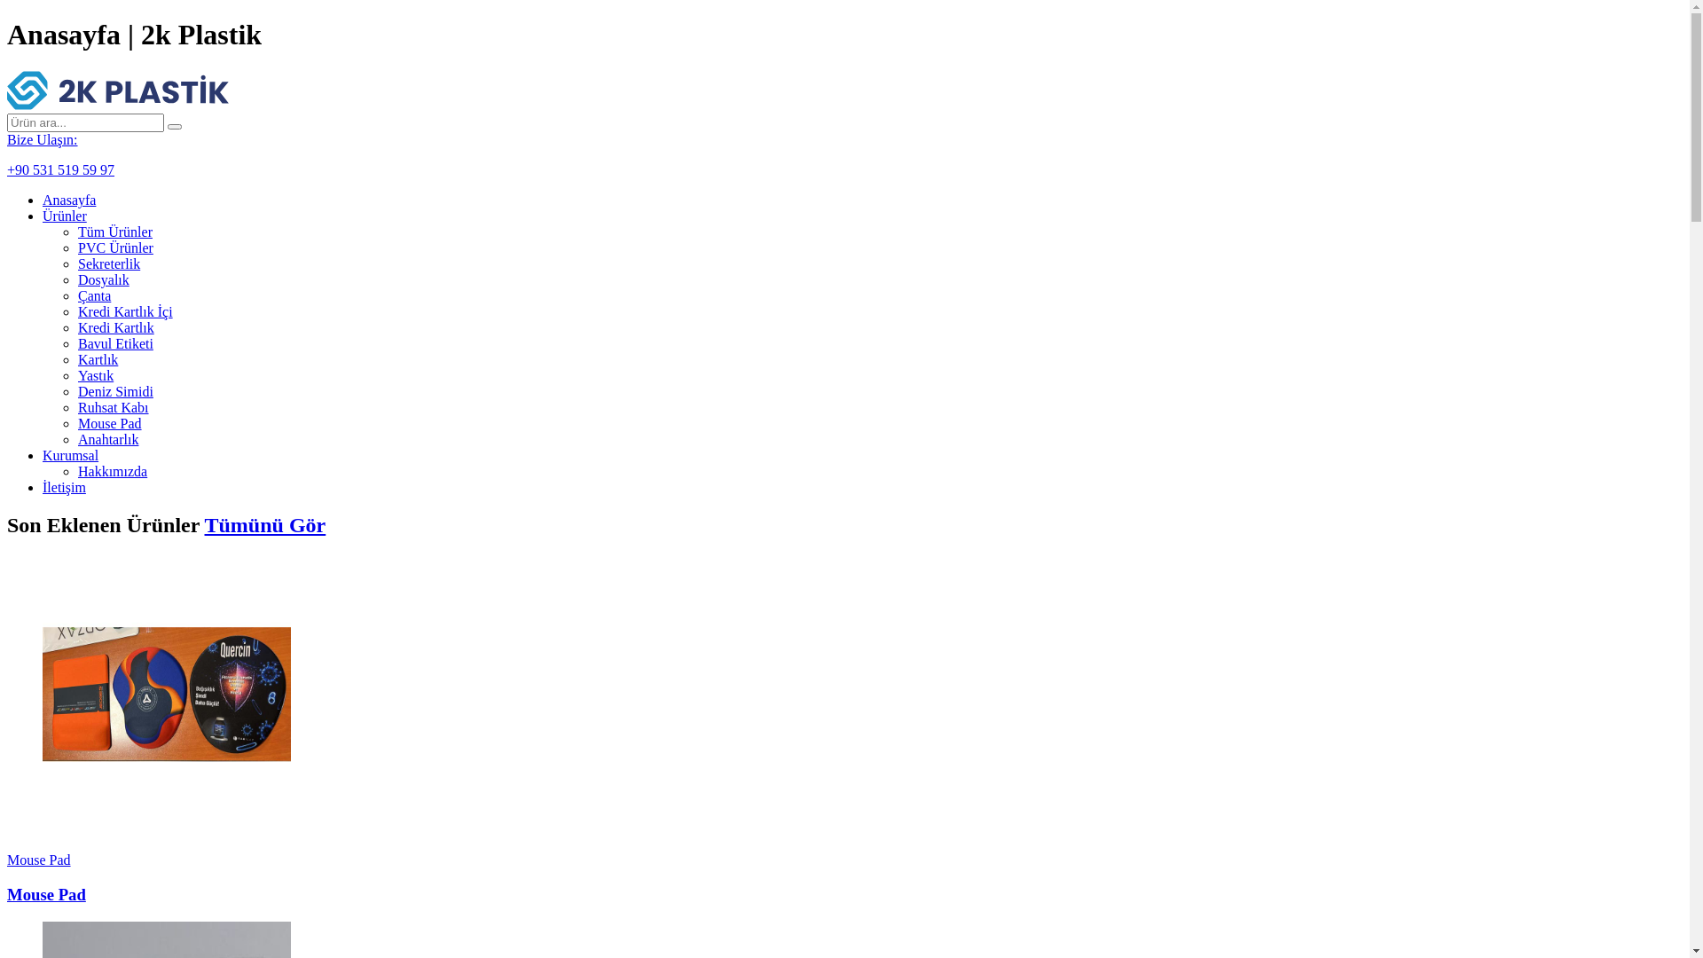 This screenshot has width=1703, height=958. What do you see at coordinates (114, 343) in the screenshot?
I see `'Bavul Etiketi'` at bounding box center [114, 343].